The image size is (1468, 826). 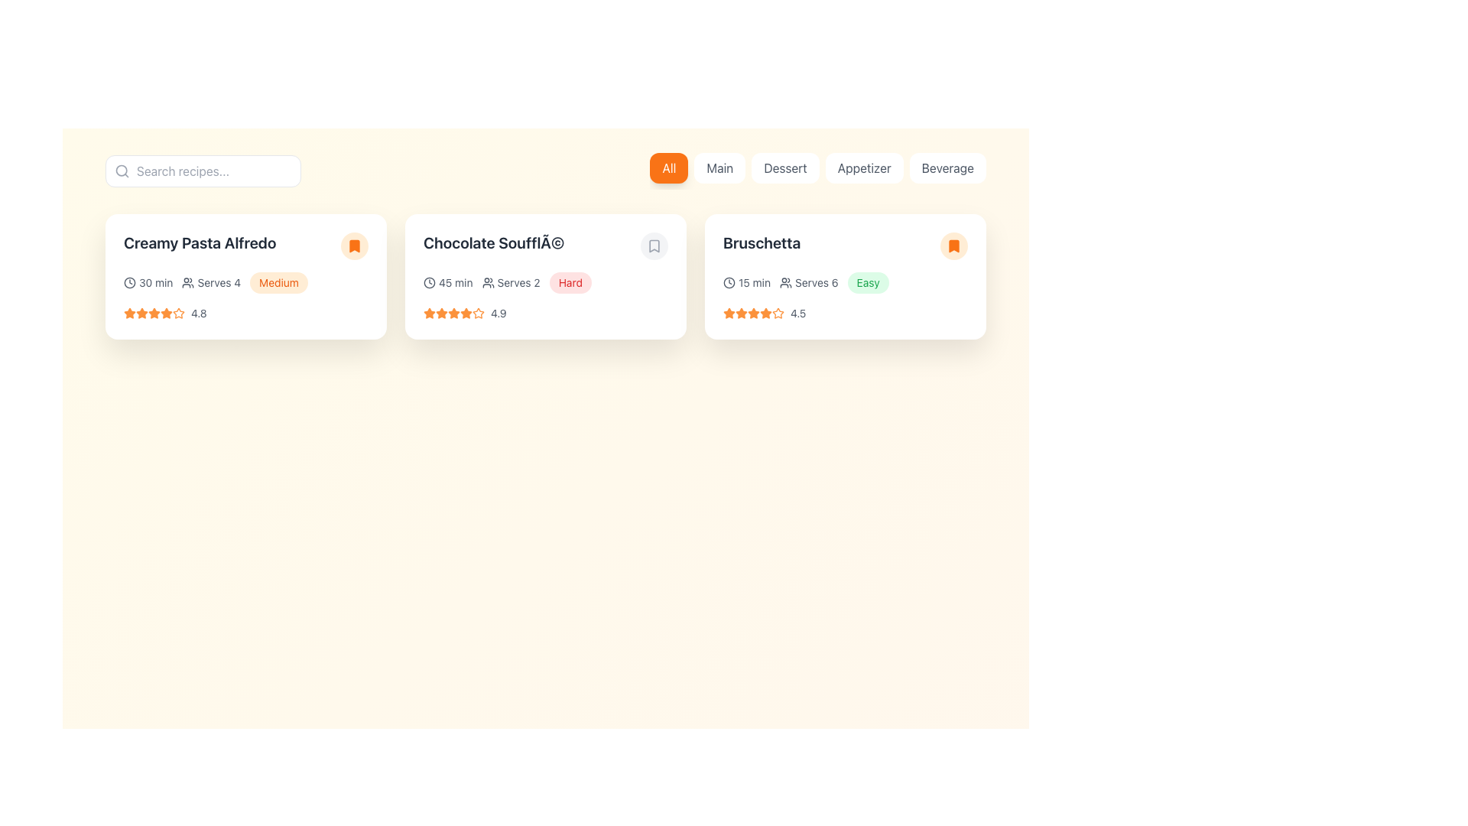 What do you see at coordinates (121, 171) in the screenshot?
I see `the search icon located inside the search input field labeled 'Search recipes...'` at bounding box center [121, 171].